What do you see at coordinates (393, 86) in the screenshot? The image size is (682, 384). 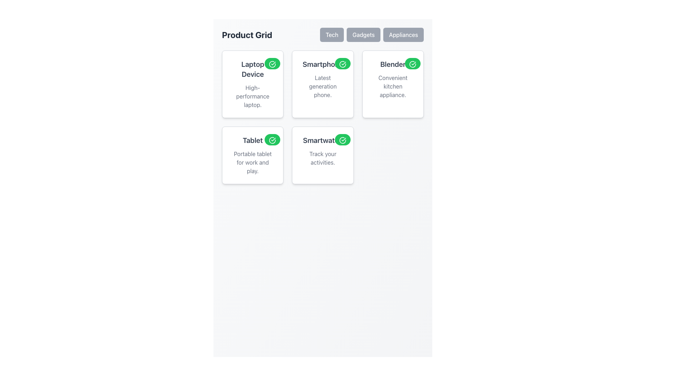 I see `text label that displays 'Convenient kitchen appliance.' located below the title 'Blender' in a medium gray color` at bounding box center [393, 86].